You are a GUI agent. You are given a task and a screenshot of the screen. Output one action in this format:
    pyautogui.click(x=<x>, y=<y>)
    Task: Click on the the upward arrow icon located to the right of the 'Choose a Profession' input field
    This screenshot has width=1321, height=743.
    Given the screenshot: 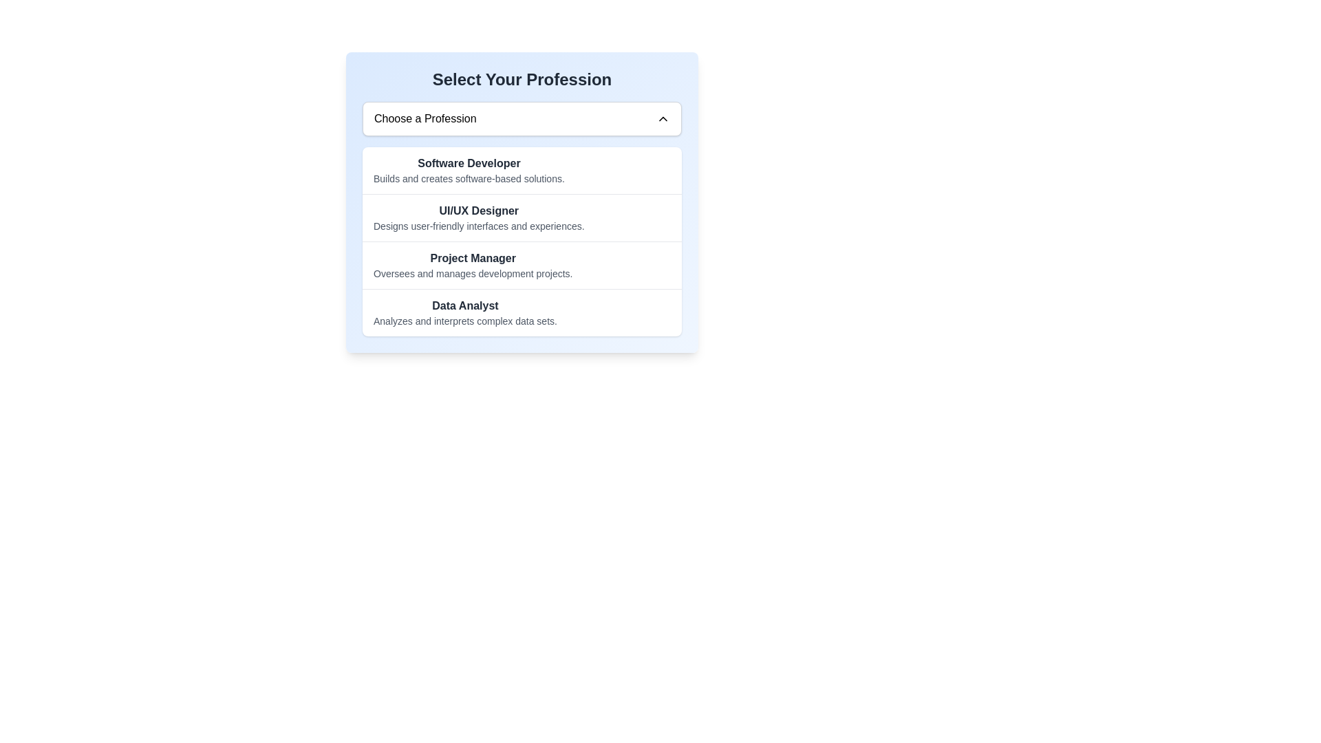 What is the action you would take?
    pyautogui.click(x=663, y=118)
    